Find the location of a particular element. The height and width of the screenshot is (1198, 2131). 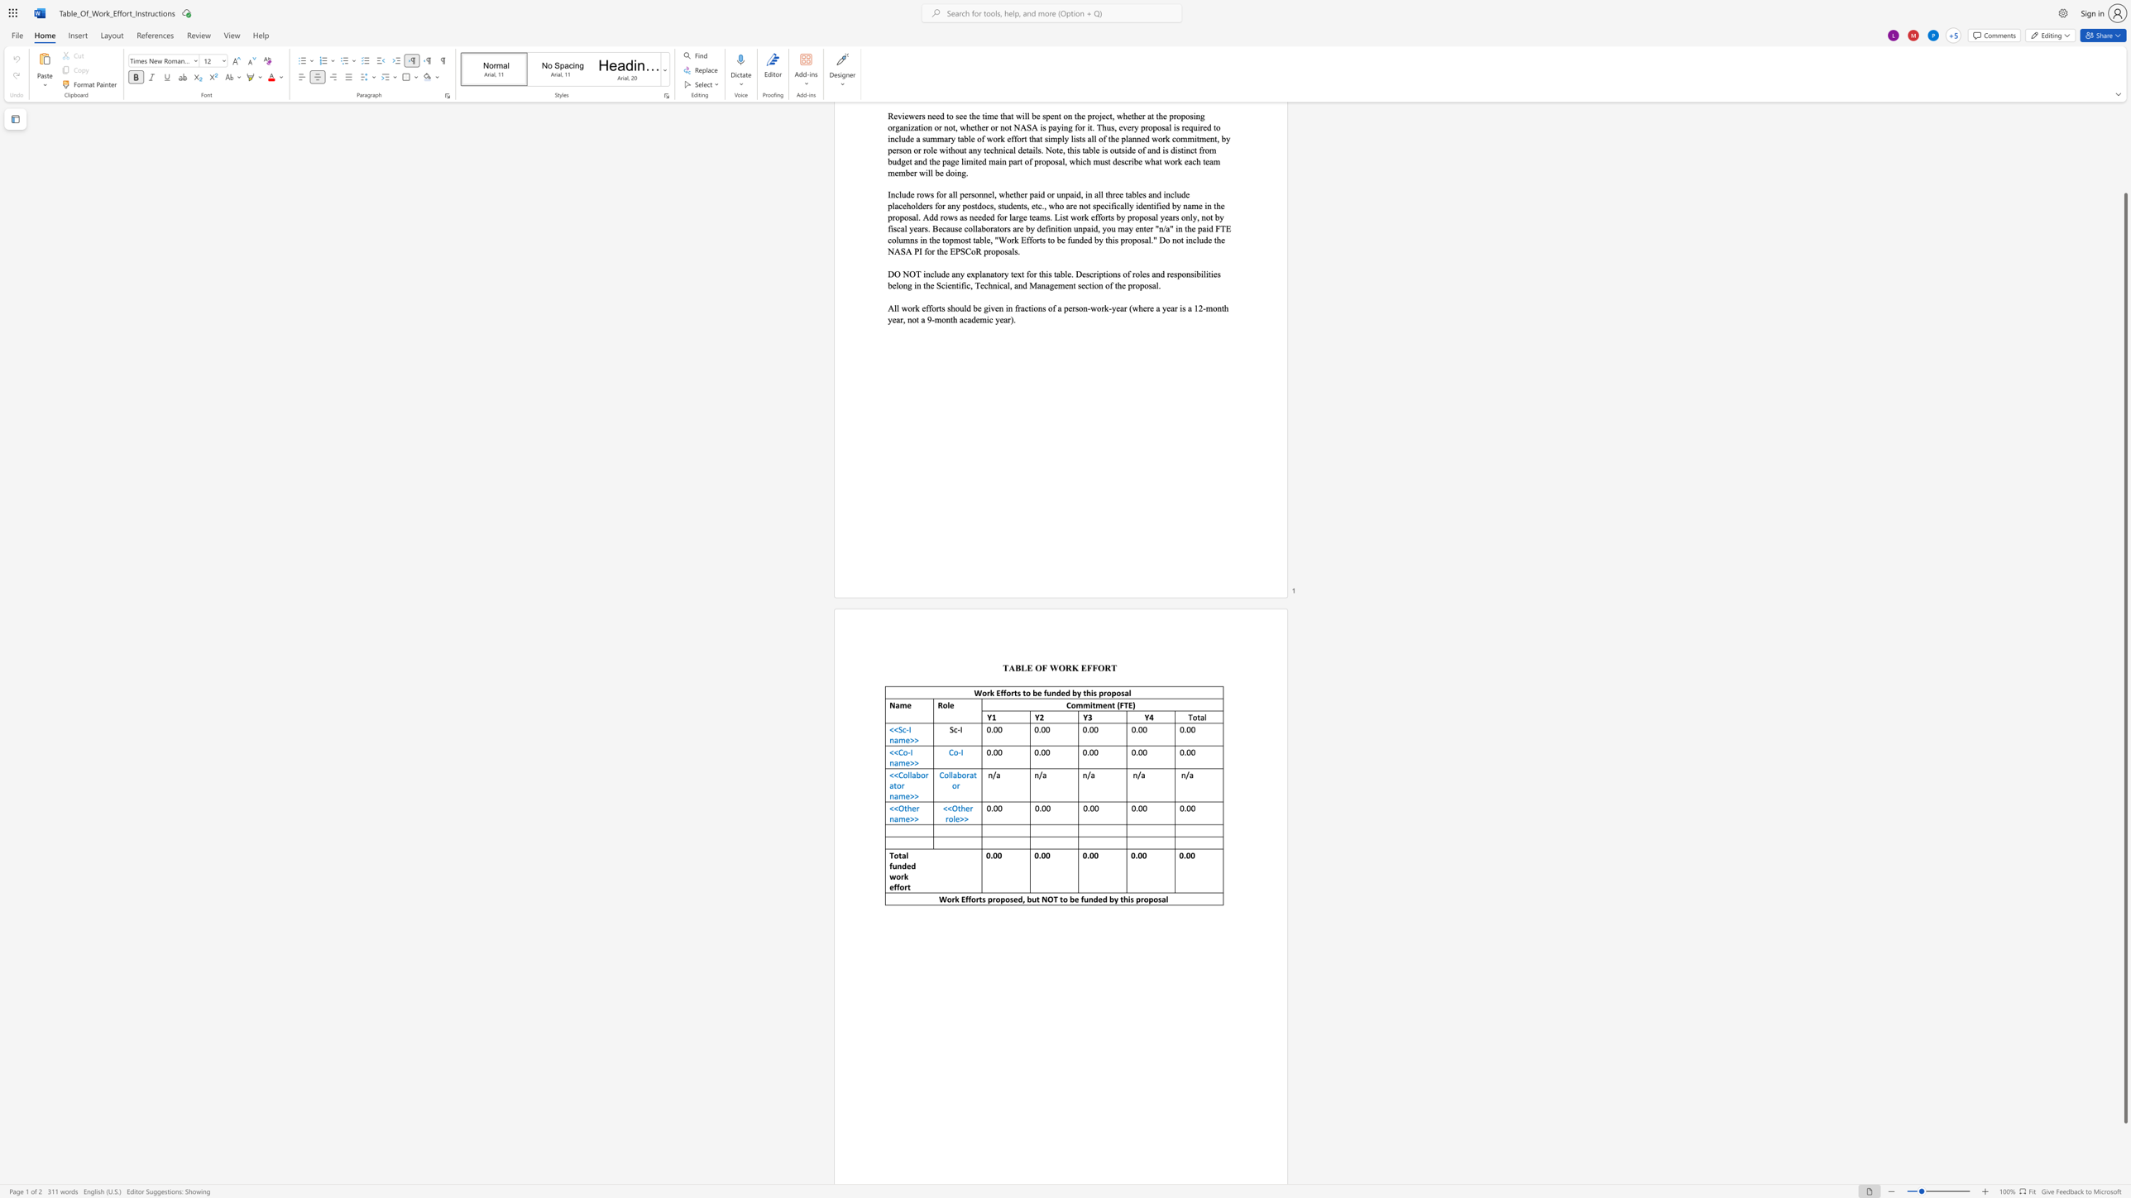

the scrollbar to scroll upward is located at coordinates (2124, 115).